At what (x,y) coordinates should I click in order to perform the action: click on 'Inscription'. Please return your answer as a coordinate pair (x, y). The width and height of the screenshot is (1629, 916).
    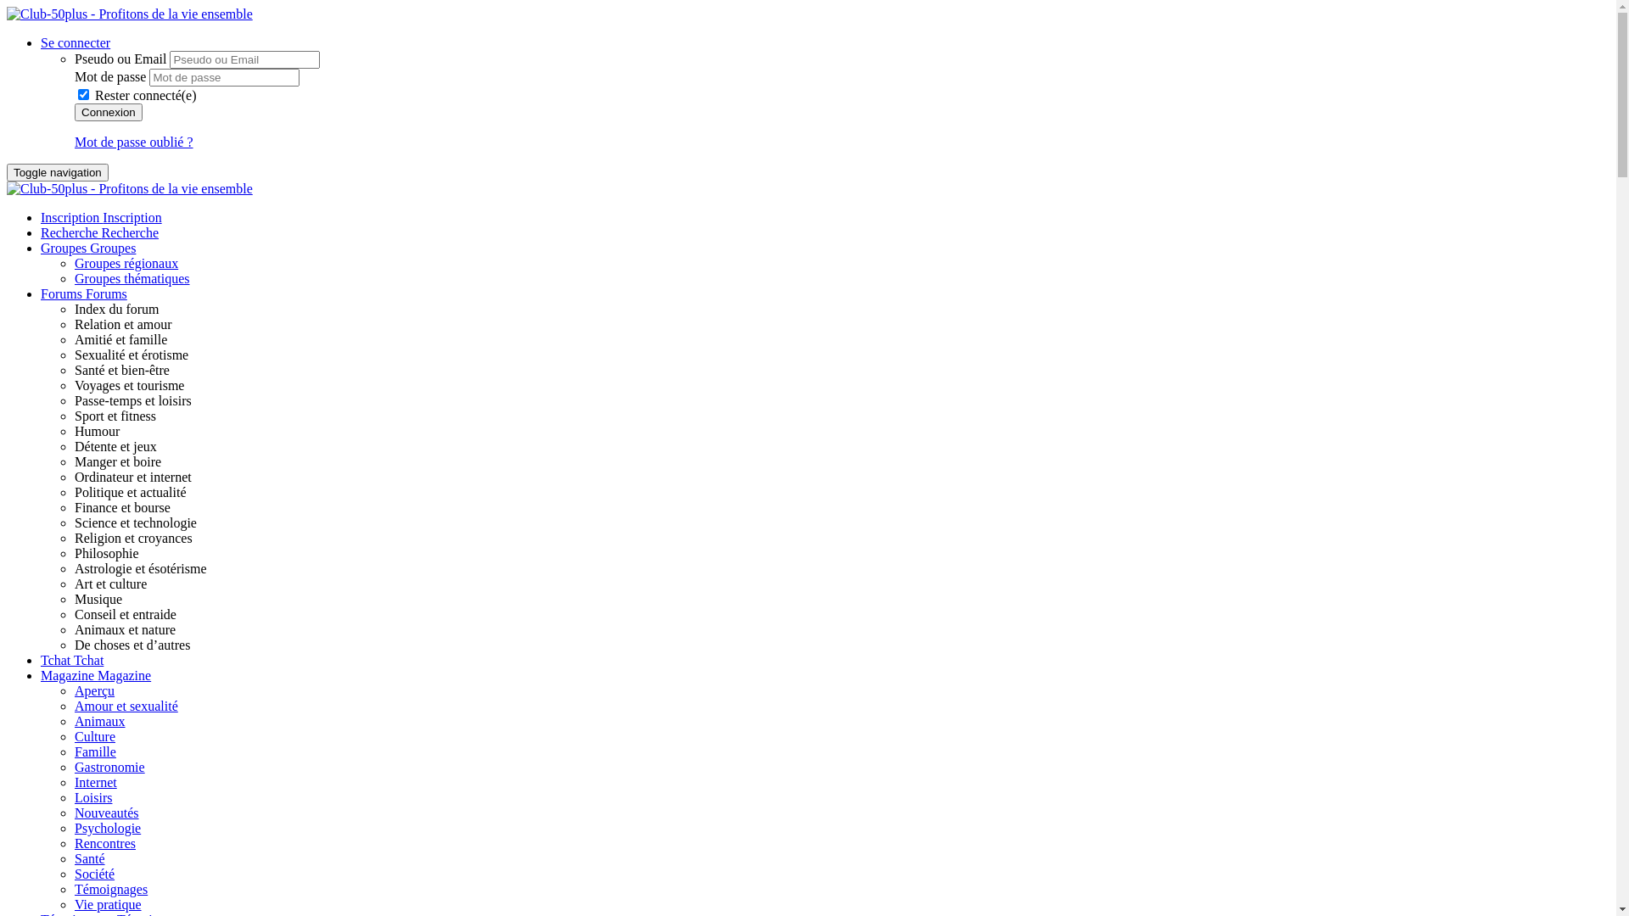
    Looking at the image, I should click on (131, 216).